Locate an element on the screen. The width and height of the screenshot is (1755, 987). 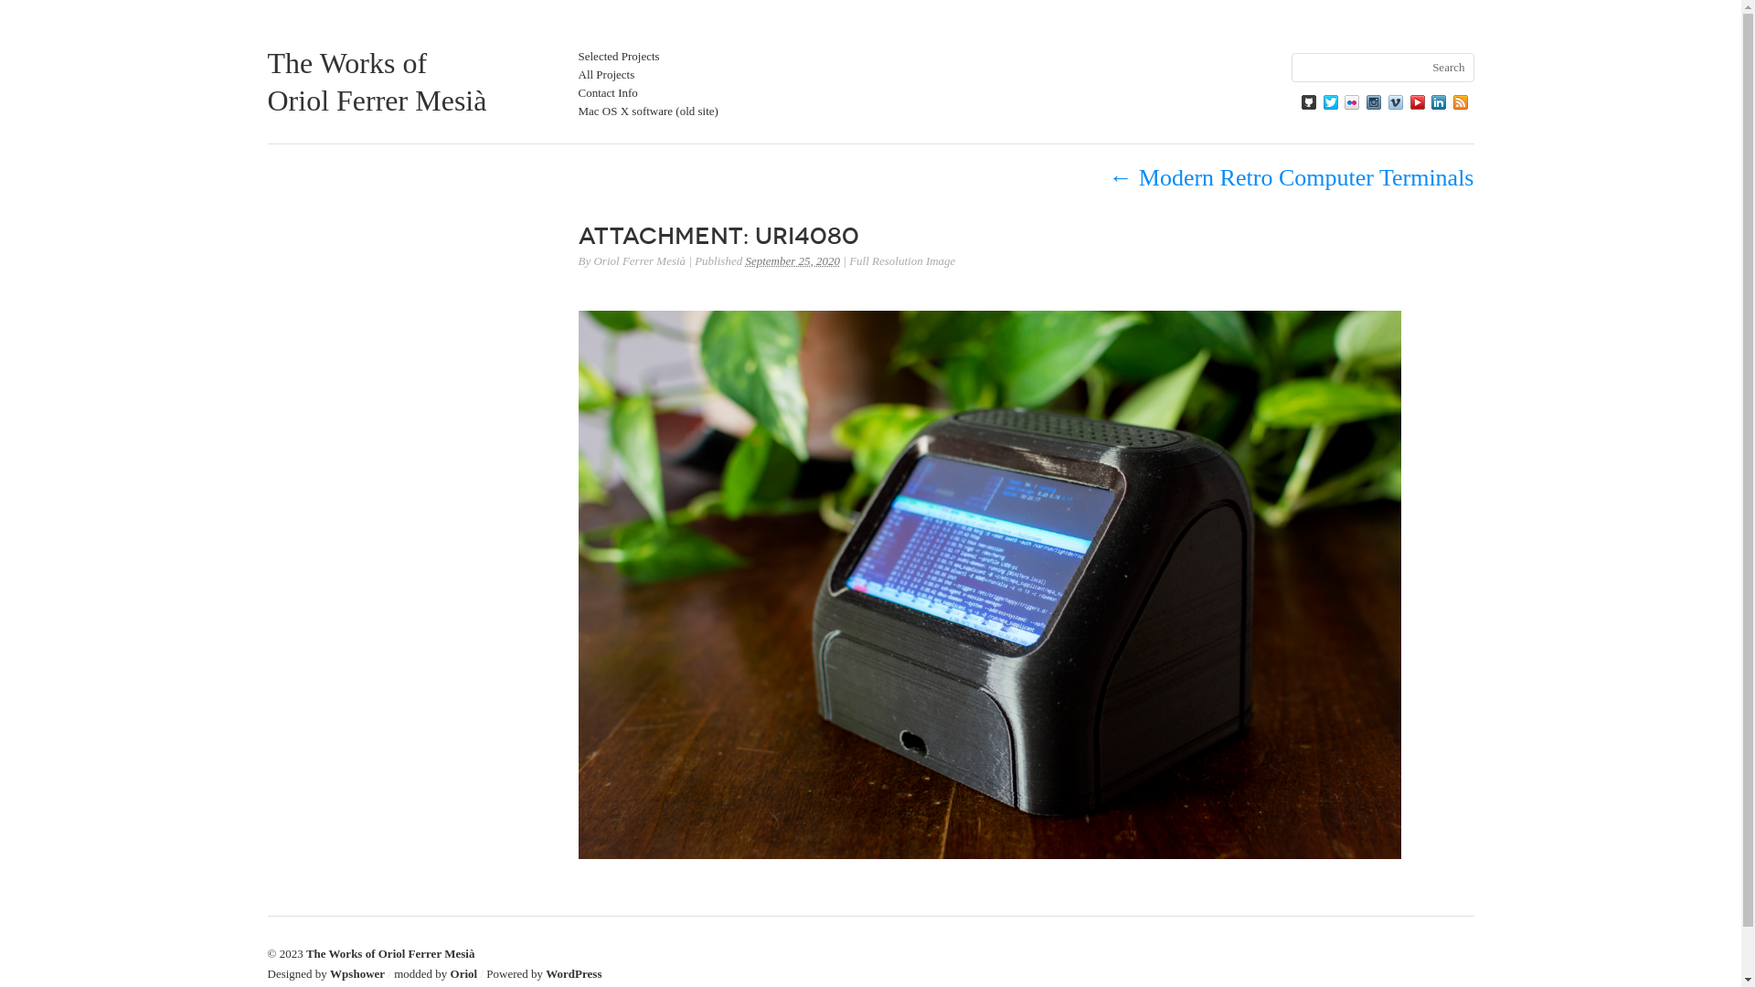
'Instagram' is located at coordinates (1373, 101).